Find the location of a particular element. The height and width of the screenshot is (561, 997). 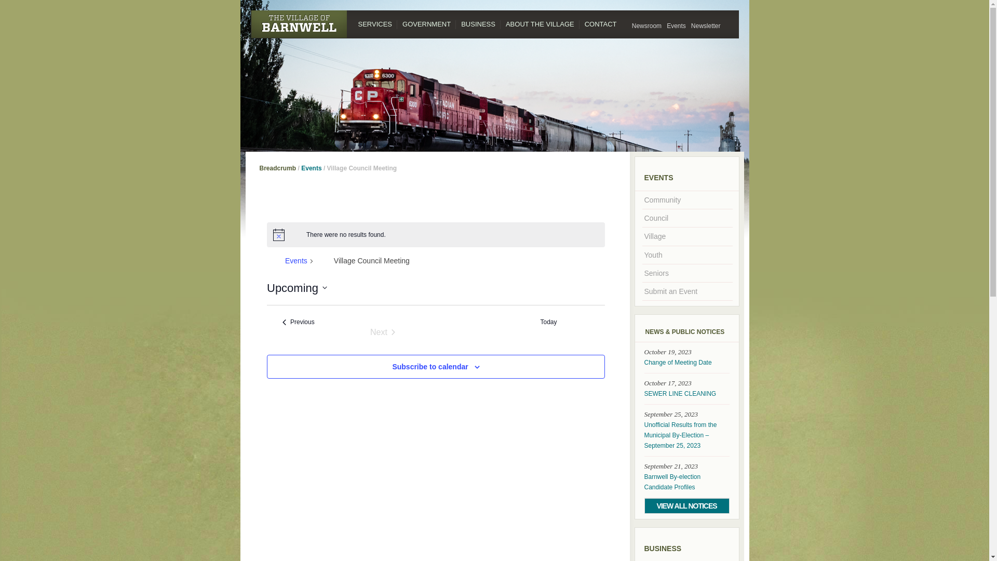

'Today' is located at coordinates (548, 322).